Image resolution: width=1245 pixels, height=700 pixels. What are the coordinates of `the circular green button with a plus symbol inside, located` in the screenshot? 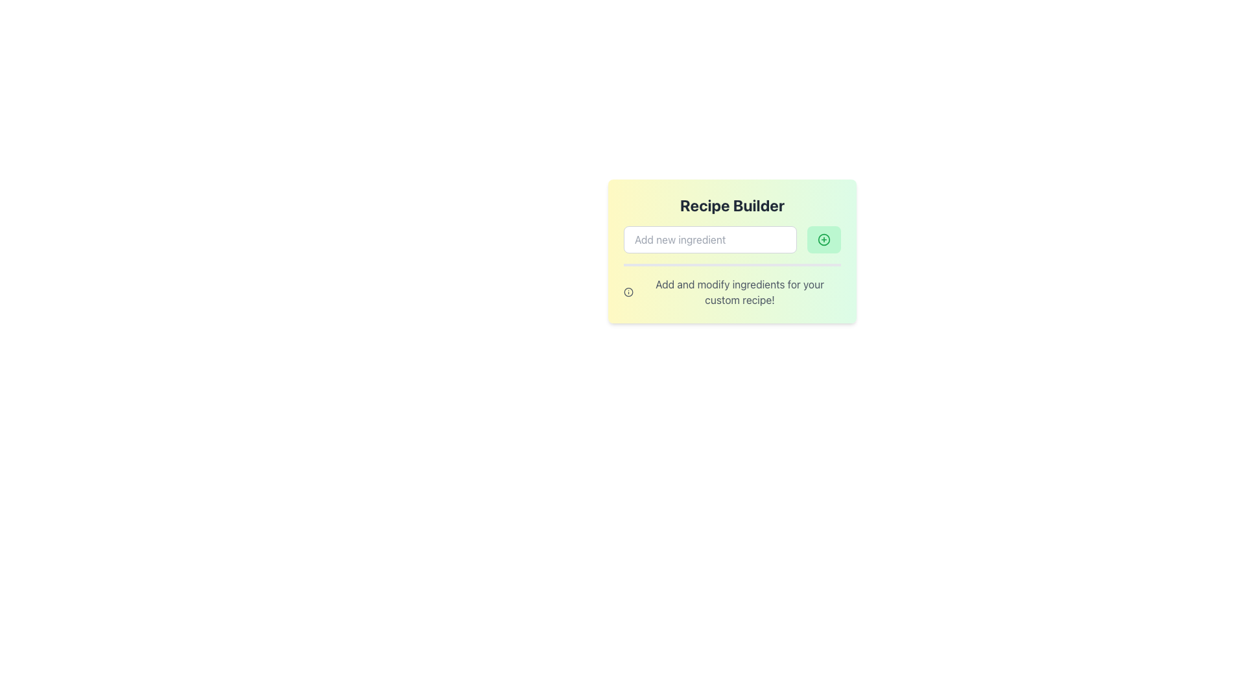 It's located at (824, 240).